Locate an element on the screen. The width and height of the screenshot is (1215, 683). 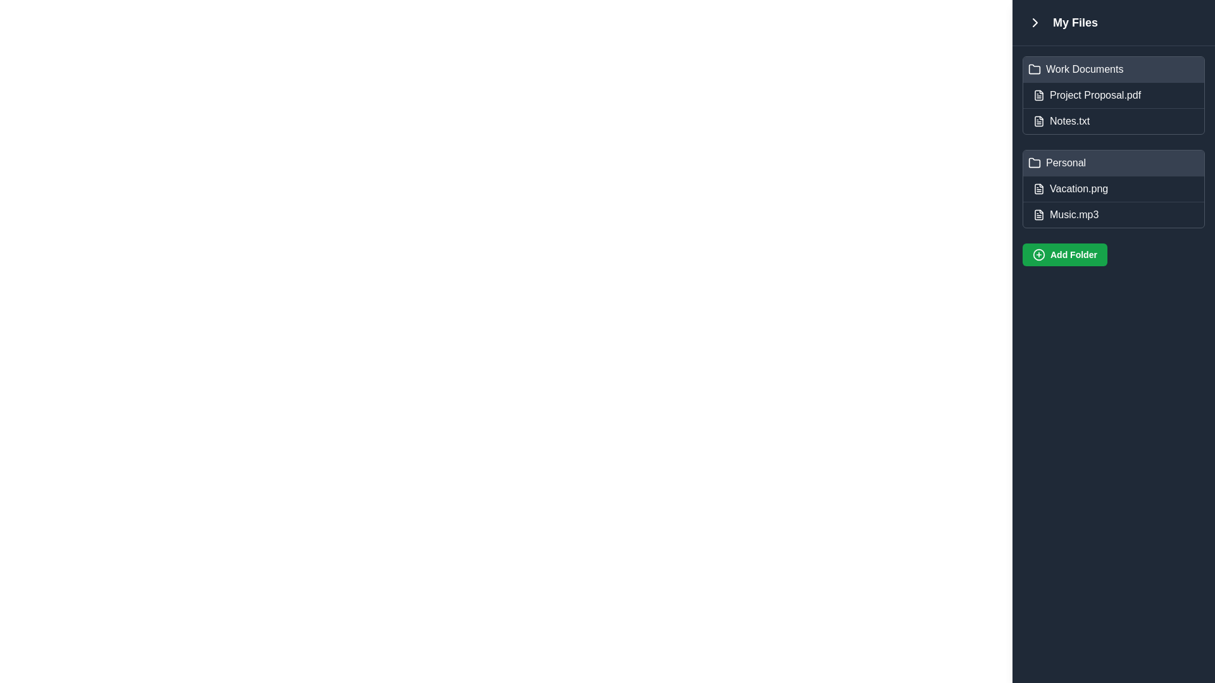
the list item displaying 'Project Proposal.pdf' is located at coordinates (1095, 94).